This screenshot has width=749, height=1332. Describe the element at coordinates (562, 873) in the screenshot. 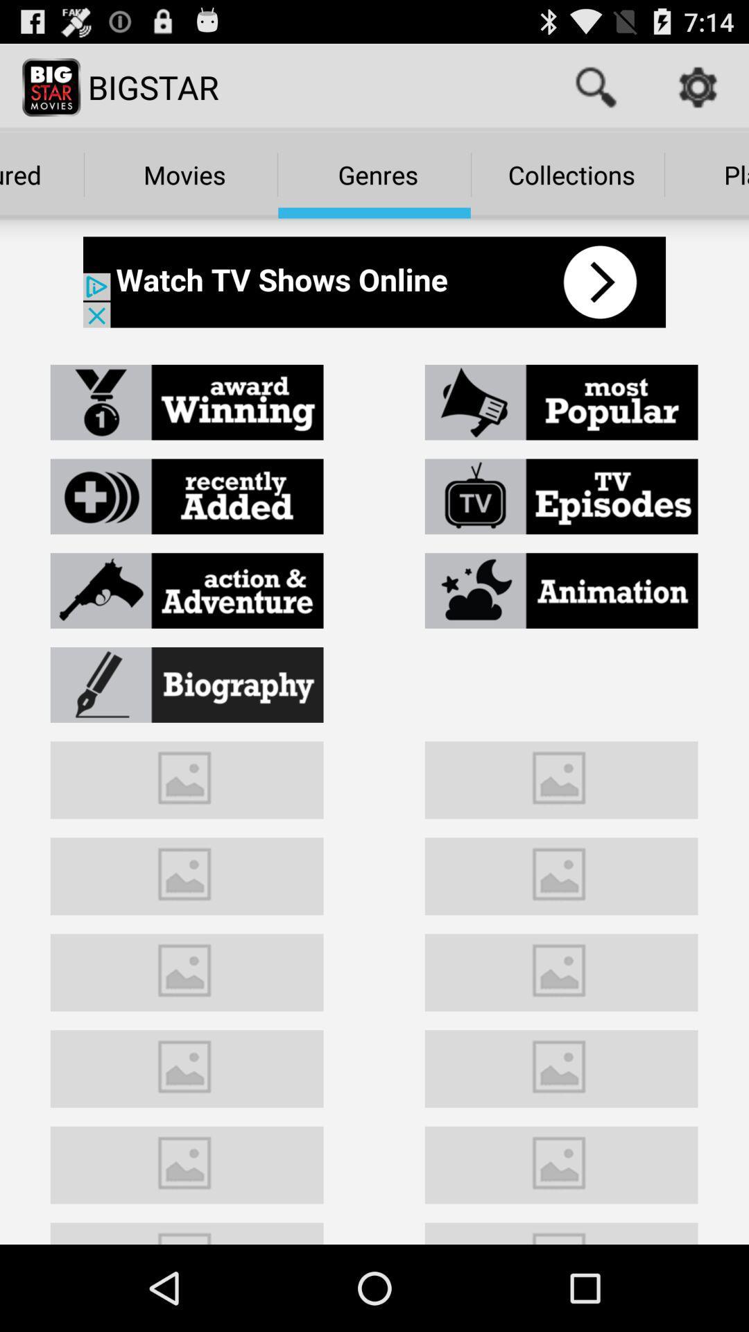

I see `tap on the second image below animation at the right side of the page` at that location.